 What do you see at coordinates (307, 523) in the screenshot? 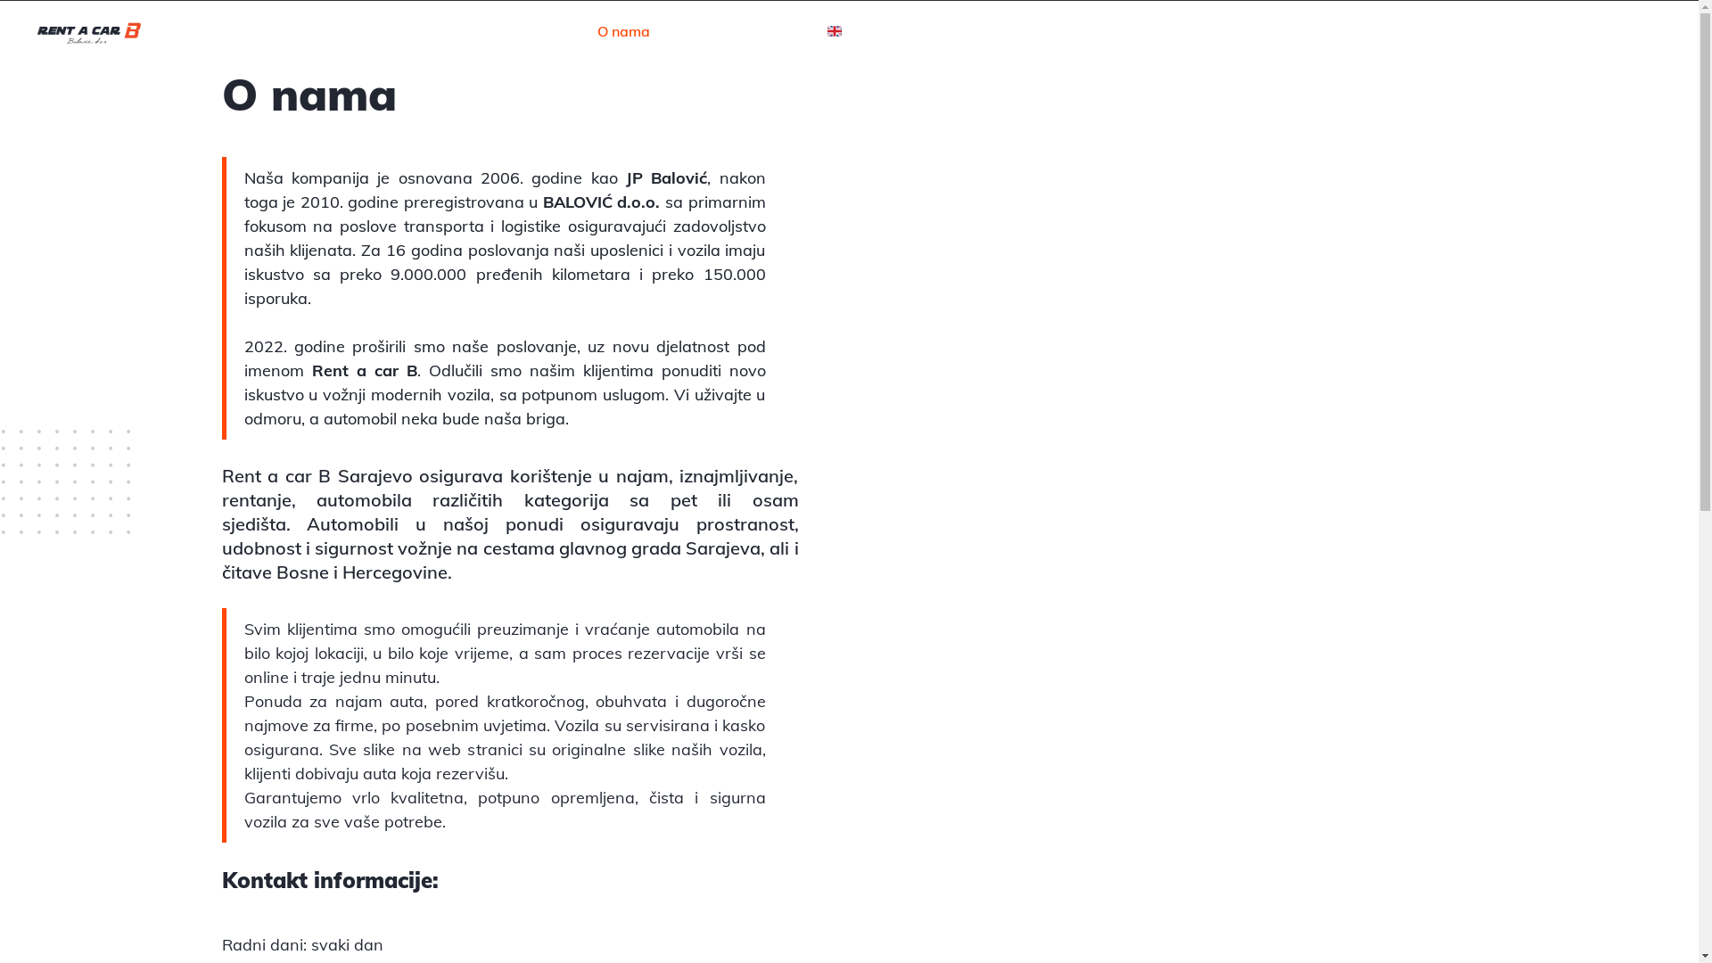
I see `'Automobili '` at bounding box center [307, 523].